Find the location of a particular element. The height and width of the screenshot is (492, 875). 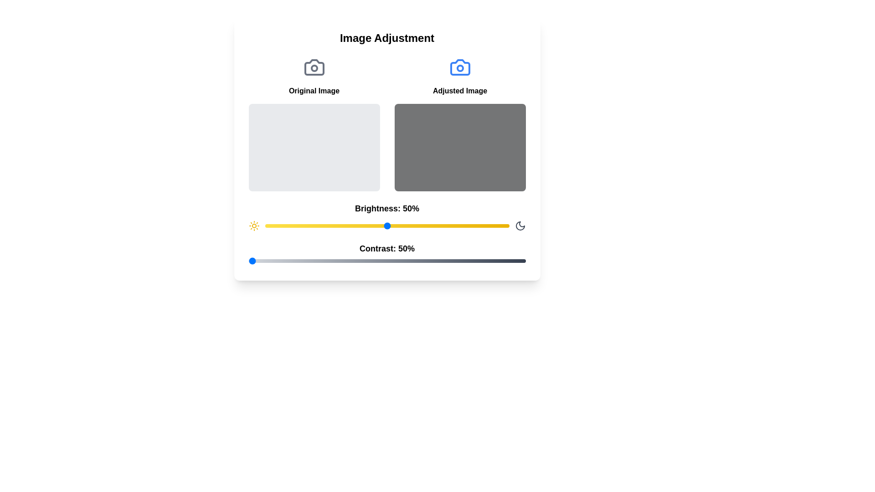

brightness is located at coordinates (453, 225).